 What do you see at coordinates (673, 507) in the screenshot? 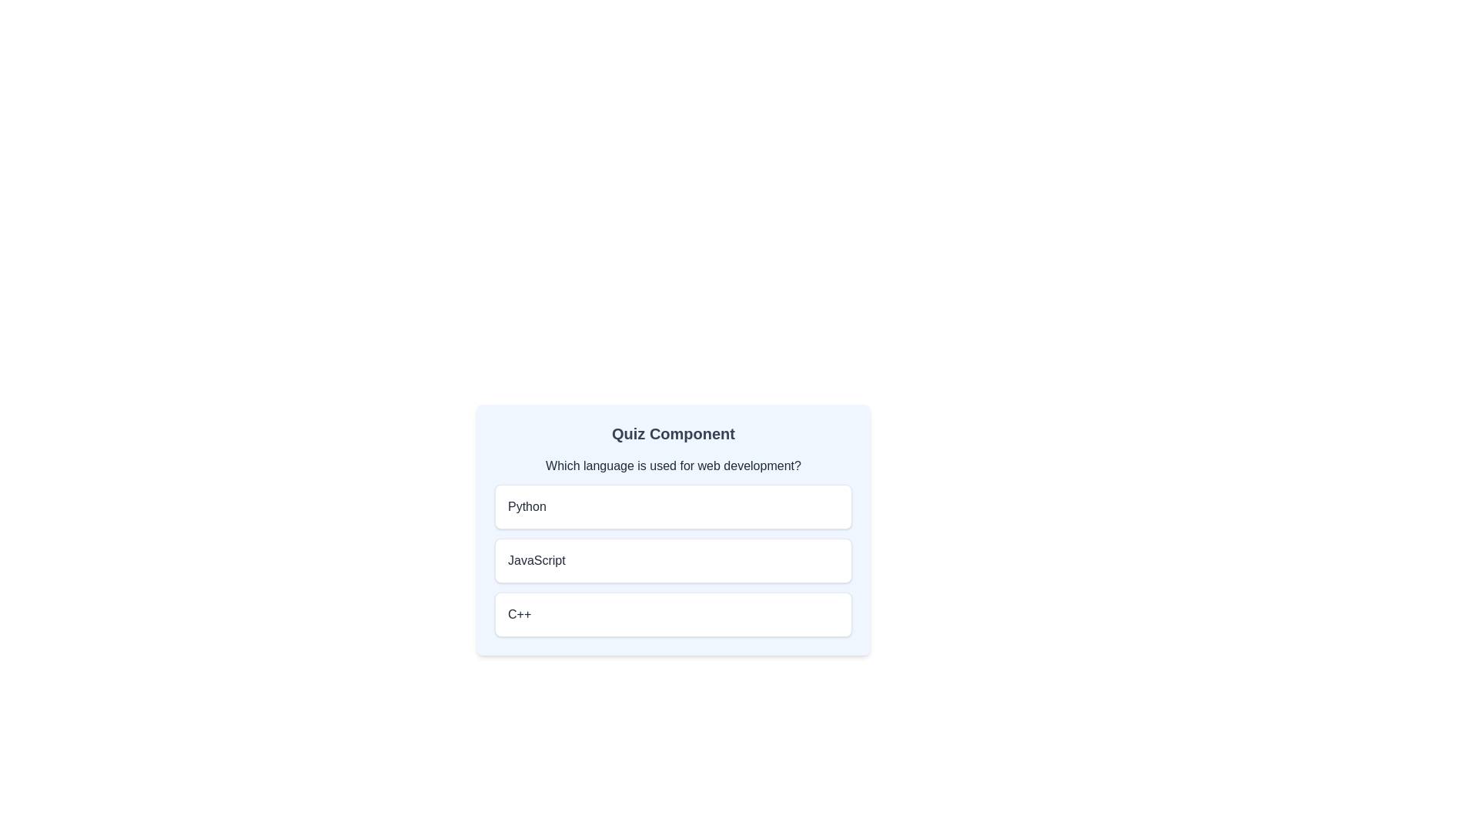
I see `the answer option labeled Python` at bounding box center [673, 507].